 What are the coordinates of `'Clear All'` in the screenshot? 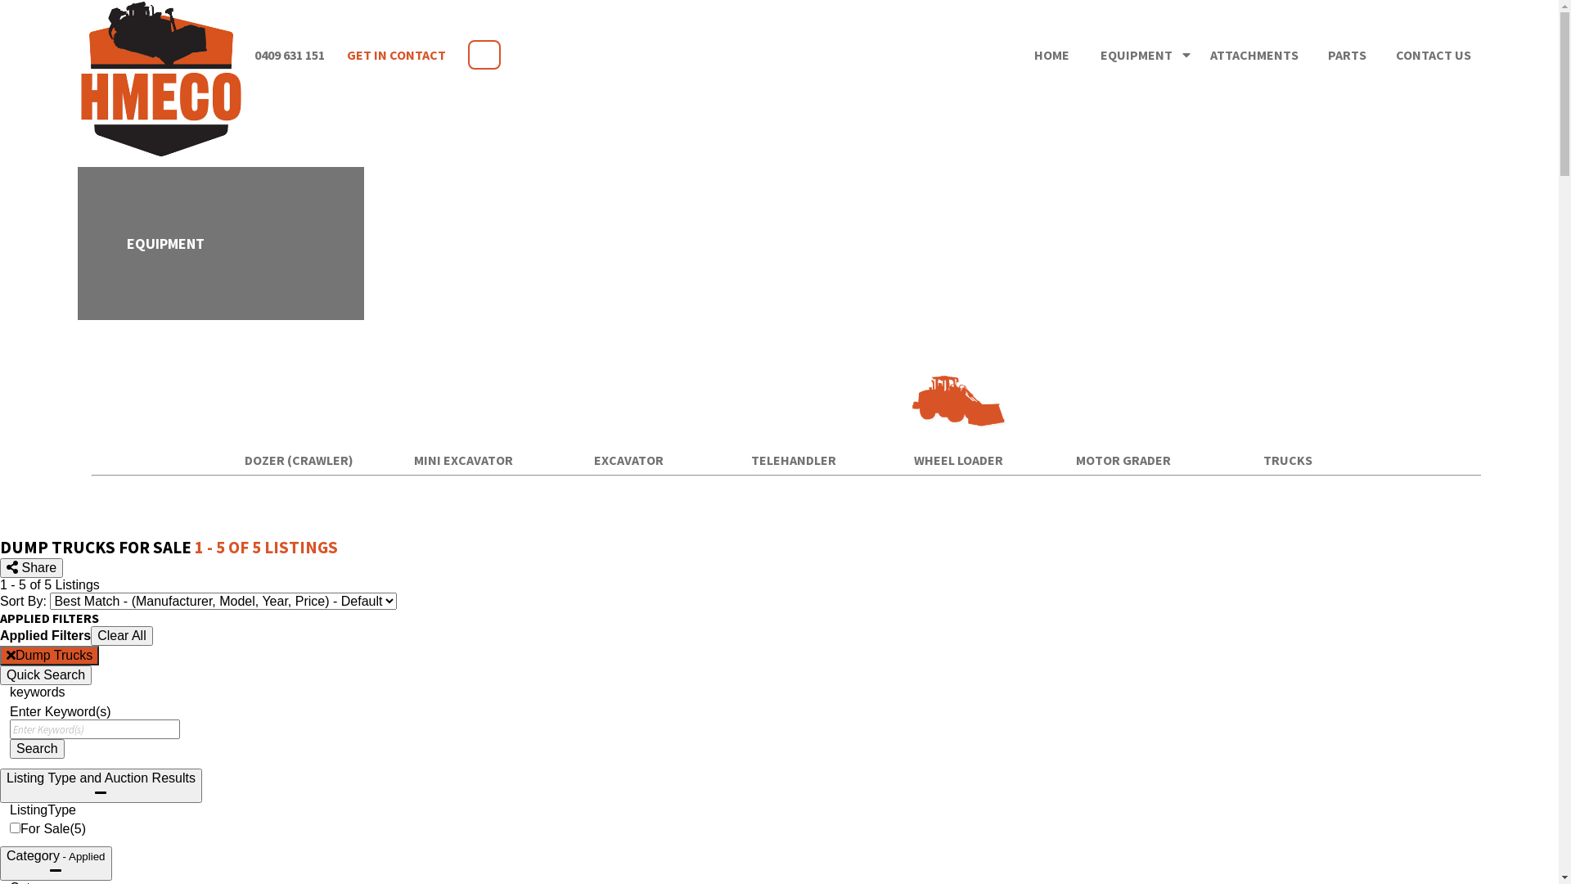 It's located at (120, 634).